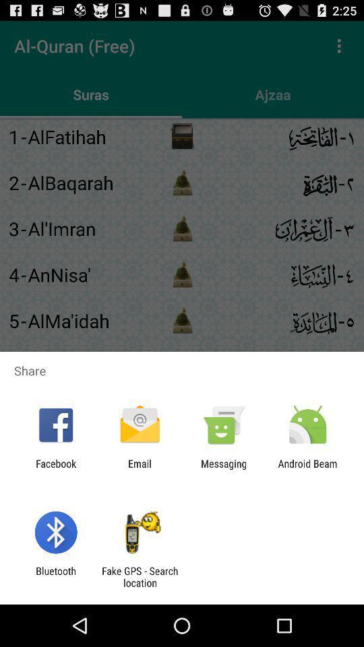  Describe the element at coordinates (139, 469) in the screenshot. I see `the email icon` at that location.